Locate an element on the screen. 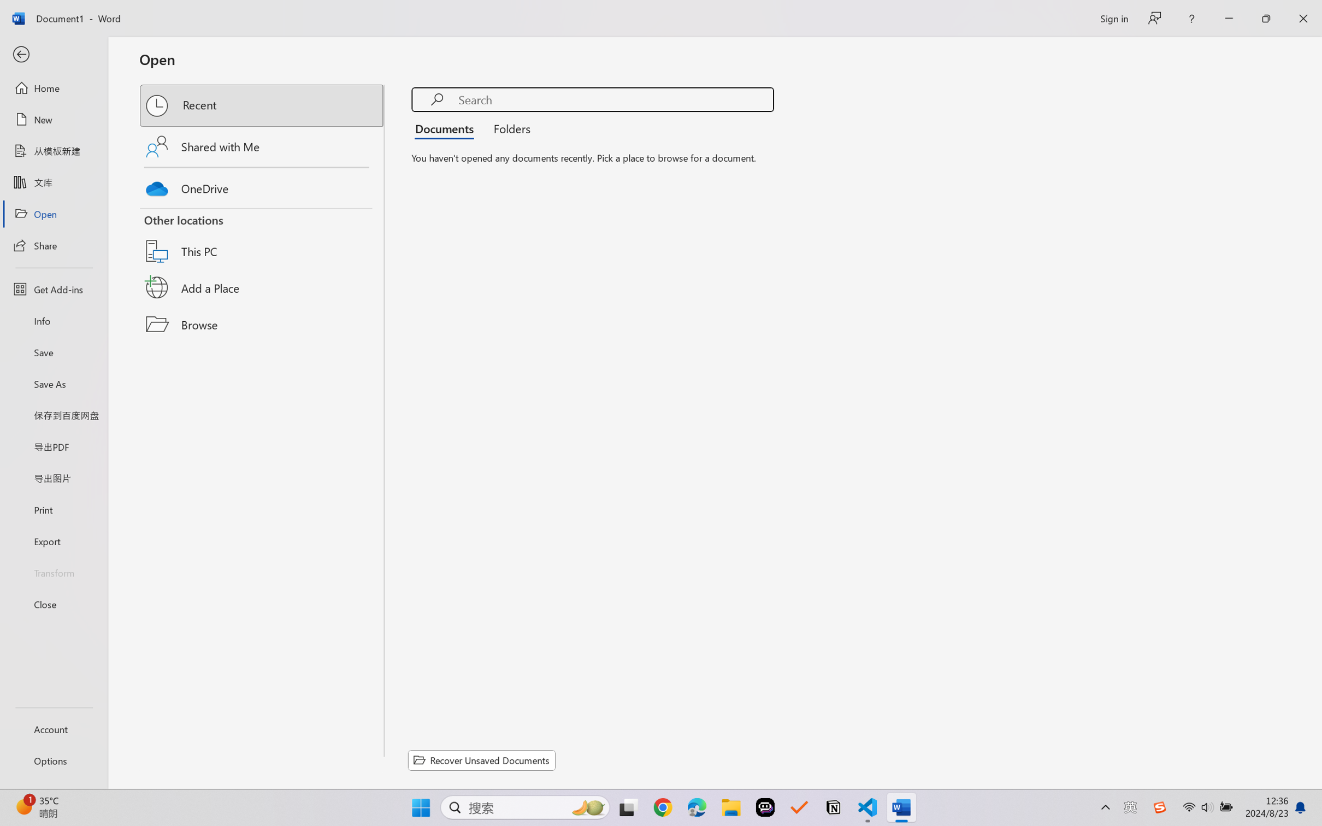  'Info' is located at coordinates (53, 320).